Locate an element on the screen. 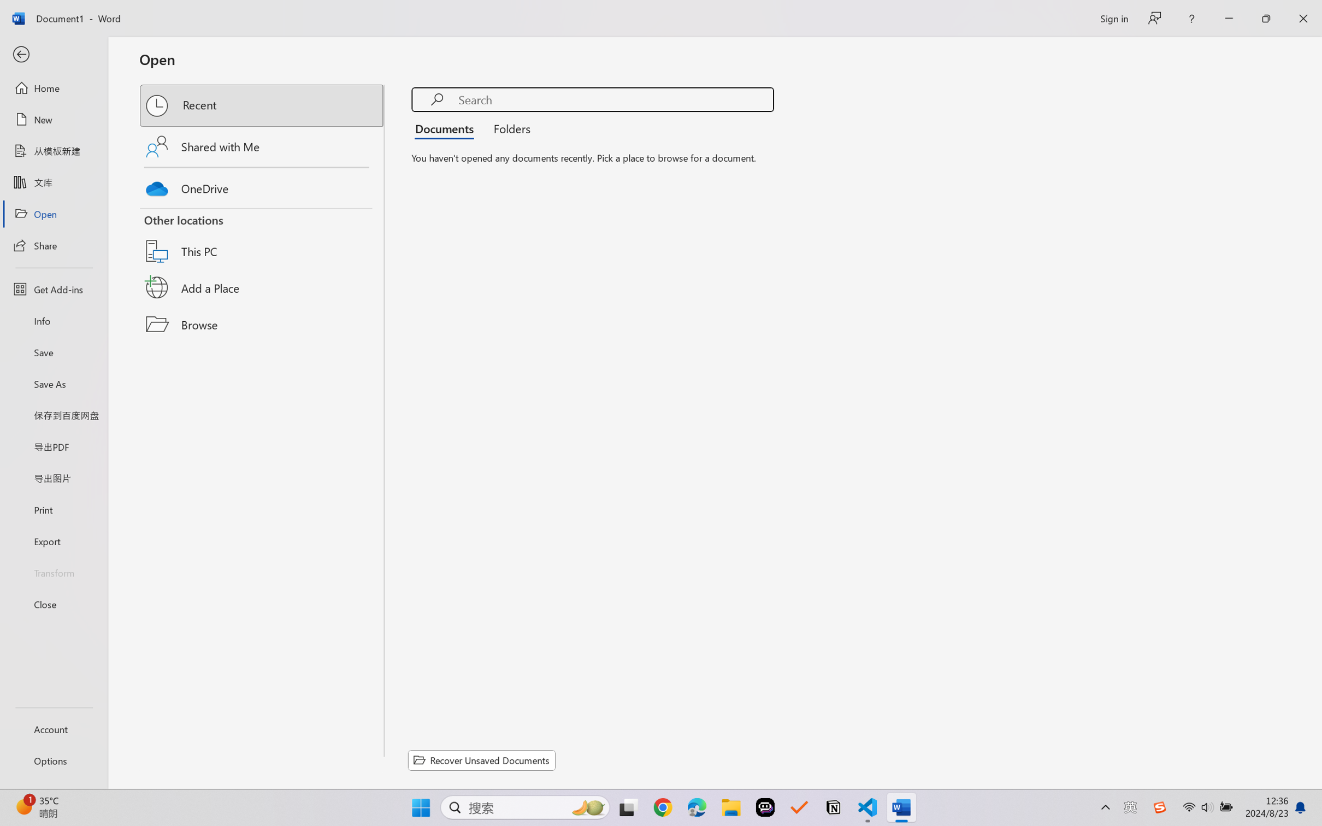  'Info' is located at coordinates (53, 320).